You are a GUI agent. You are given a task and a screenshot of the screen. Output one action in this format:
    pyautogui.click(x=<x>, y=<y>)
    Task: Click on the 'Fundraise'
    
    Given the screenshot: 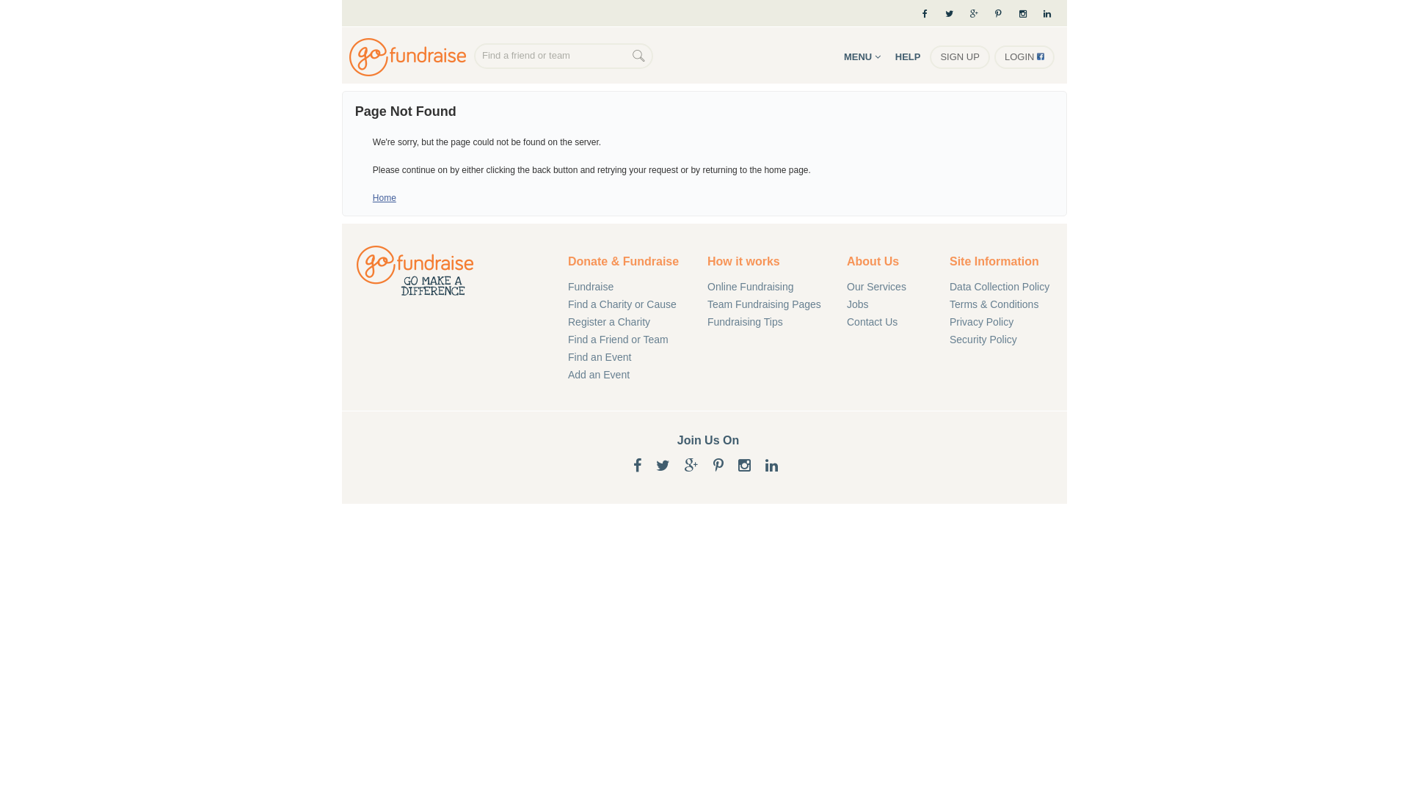 What is the action you would take?
    pyautogui.click(x=567, y=286)
    